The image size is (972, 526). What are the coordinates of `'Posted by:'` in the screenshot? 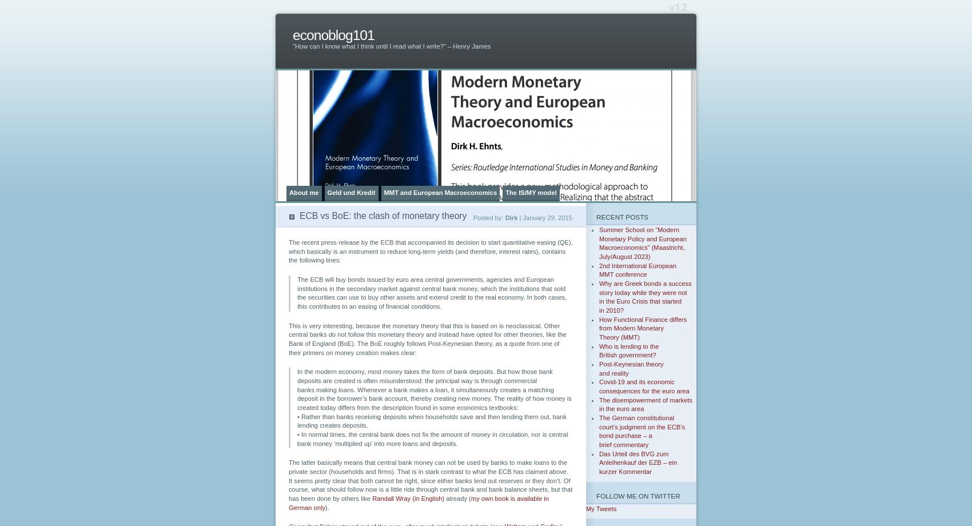 It's located at (488, 217).